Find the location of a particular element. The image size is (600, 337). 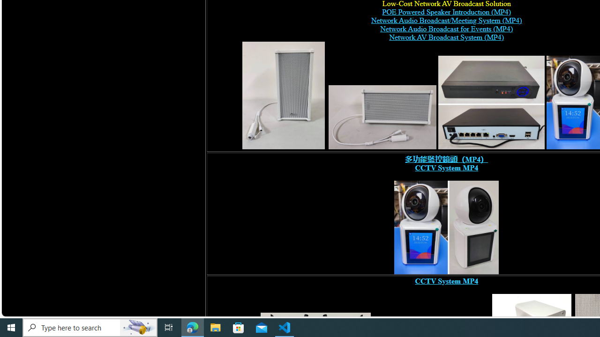

'Network Audio Broadcast/Meeting System (MP4)' is located at coordinates (446, 21).